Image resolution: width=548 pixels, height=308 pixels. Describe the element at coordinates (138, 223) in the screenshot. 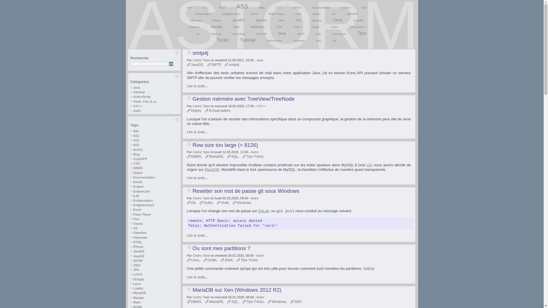

I see `'Geany'` at that location.